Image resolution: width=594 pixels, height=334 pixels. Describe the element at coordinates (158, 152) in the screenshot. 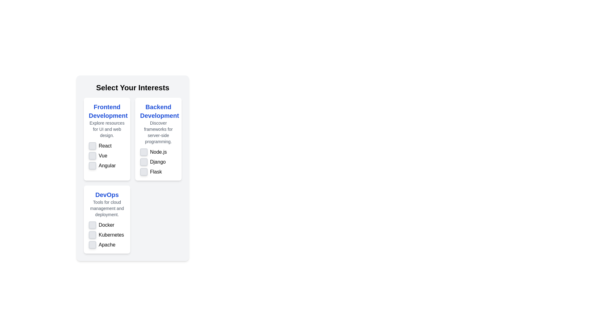

I see `text label displaying 'Node.js' located in the 'Backend Development' section, adjacent to a checkbox` at that location.